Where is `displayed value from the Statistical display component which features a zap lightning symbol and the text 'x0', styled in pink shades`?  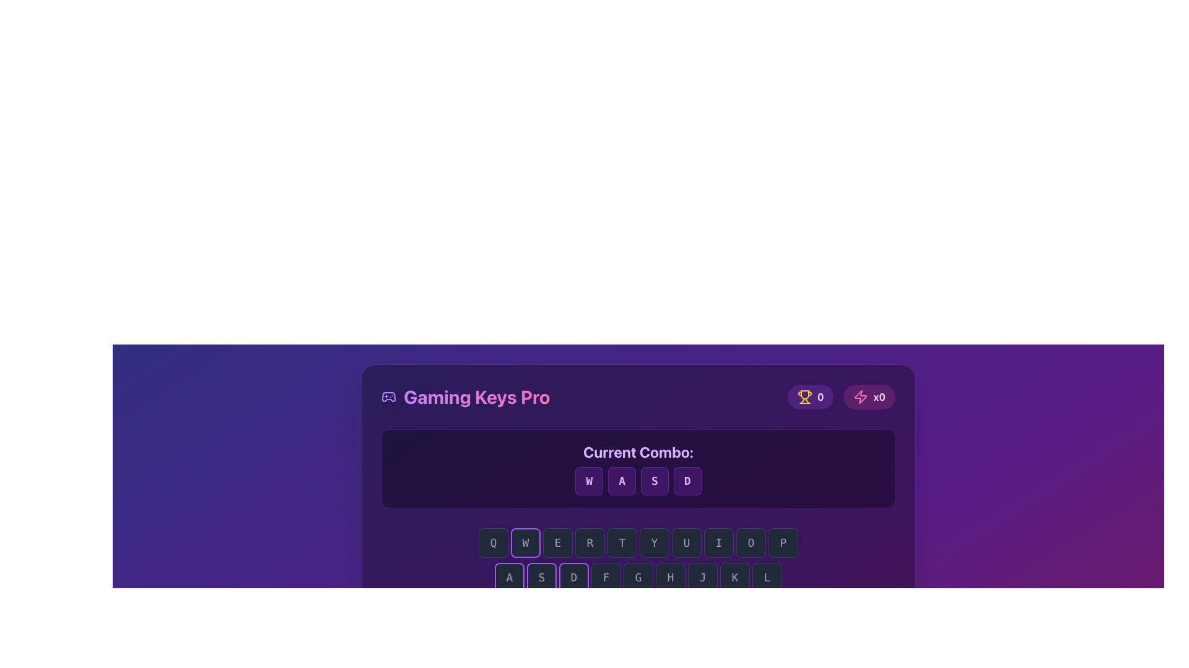 displayed value from the Statistical display component which features a zap lightning symbol and the text 'x0', styled in pink shades is located at coordinates (869, 396).